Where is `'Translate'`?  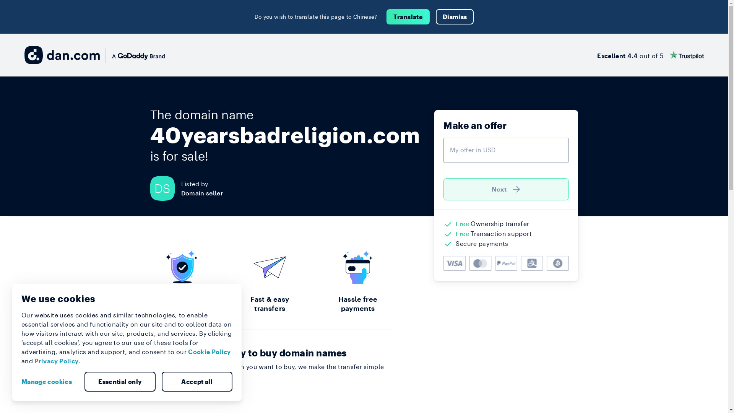 'Translate' is located at coordinates (408, 16).